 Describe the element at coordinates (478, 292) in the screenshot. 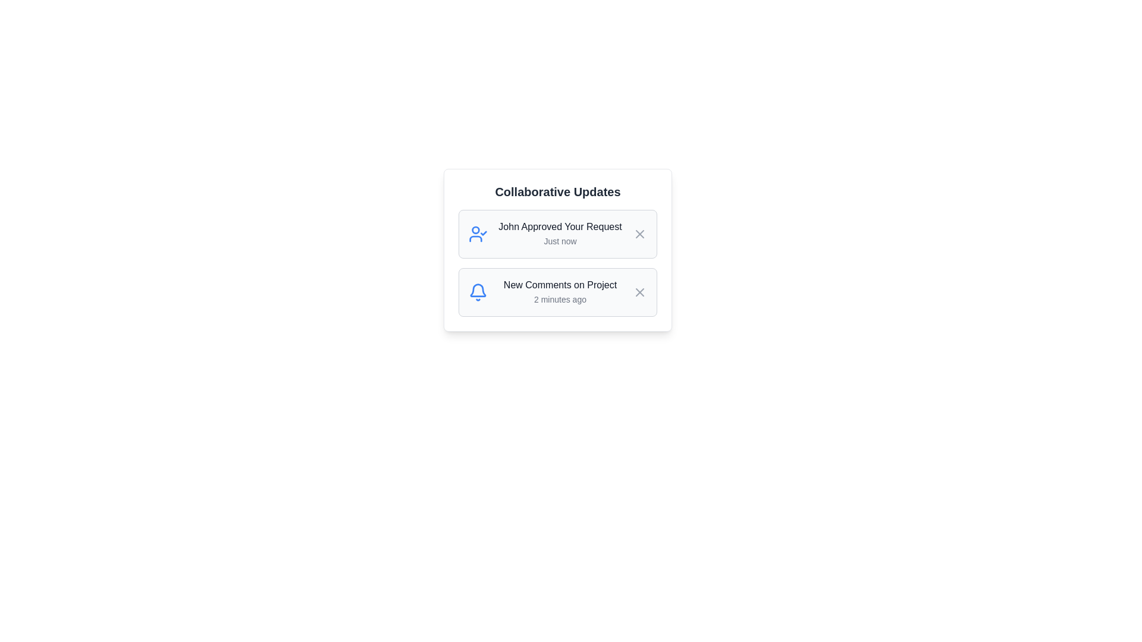

I see `the notification icon that indicates updates for 'New Comments on Project 2 minutes ago', located at the leftmost region of the lower notification card` at that location.